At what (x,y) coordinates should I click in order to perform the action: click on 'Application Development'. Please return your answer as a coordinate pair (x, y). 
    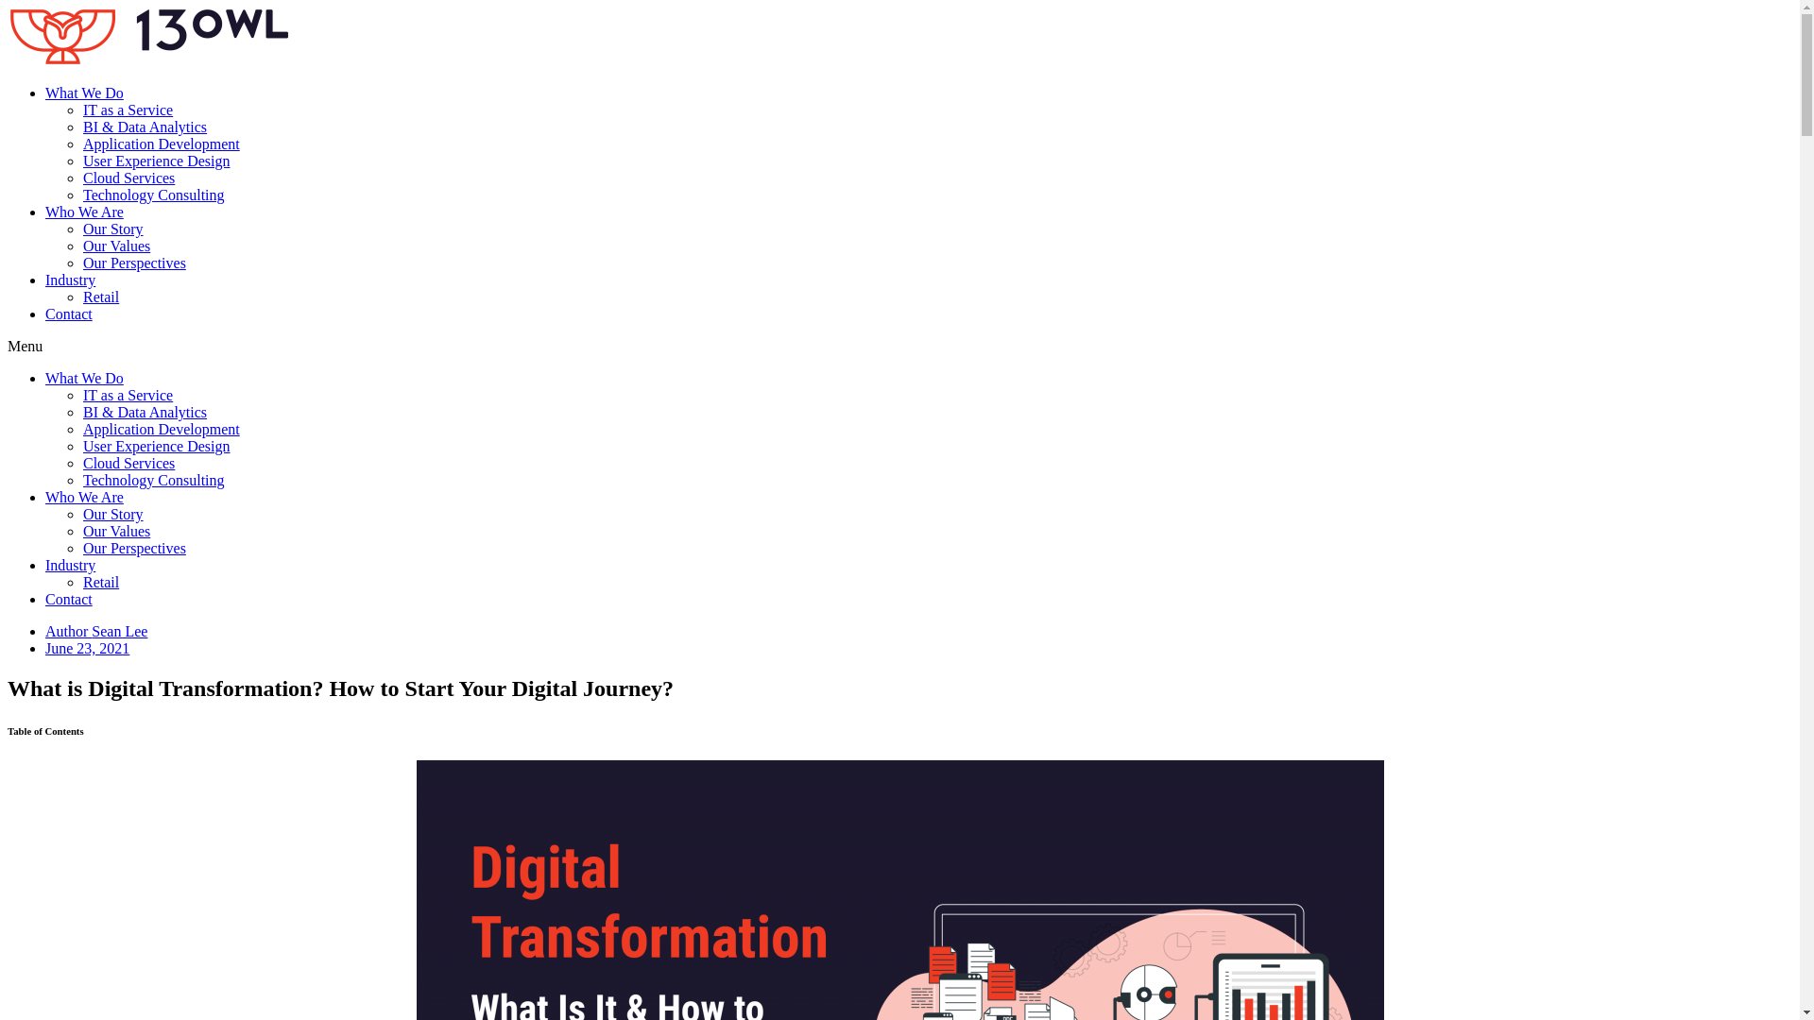
    Looking at the image, I should click on (81, 429).